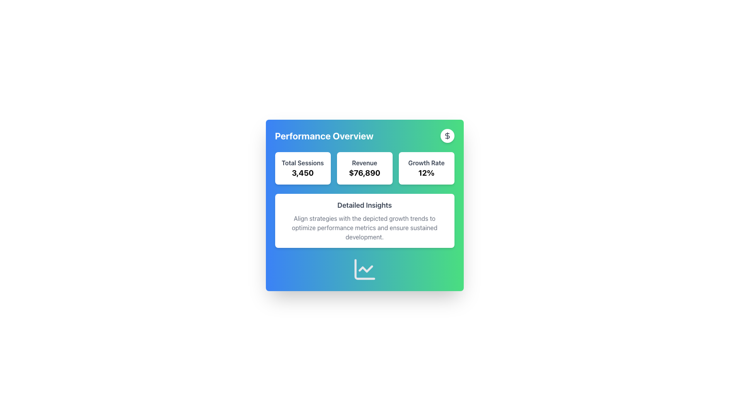  What do you see at coordinates (364, 269) in the screenshot?
I see `the SVG icon representing a line chart, which is styled in light gray and located underneath the 'Detailed Insights' section` at bounding box center [364, 269].